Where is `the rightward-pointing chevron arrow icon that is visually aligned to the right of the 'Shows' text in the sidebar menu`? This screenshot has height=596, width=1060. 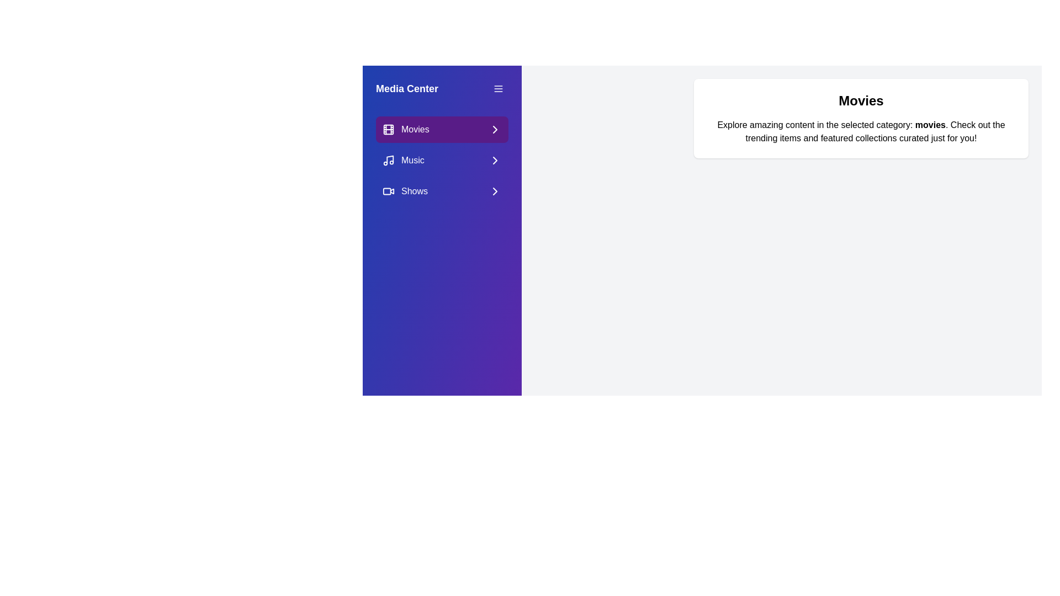
the rightward-pointing chevron arrow icon that is visually aligned to the right of the 'Shows' text in the sidebar menu is located at coordinates (495, 191).